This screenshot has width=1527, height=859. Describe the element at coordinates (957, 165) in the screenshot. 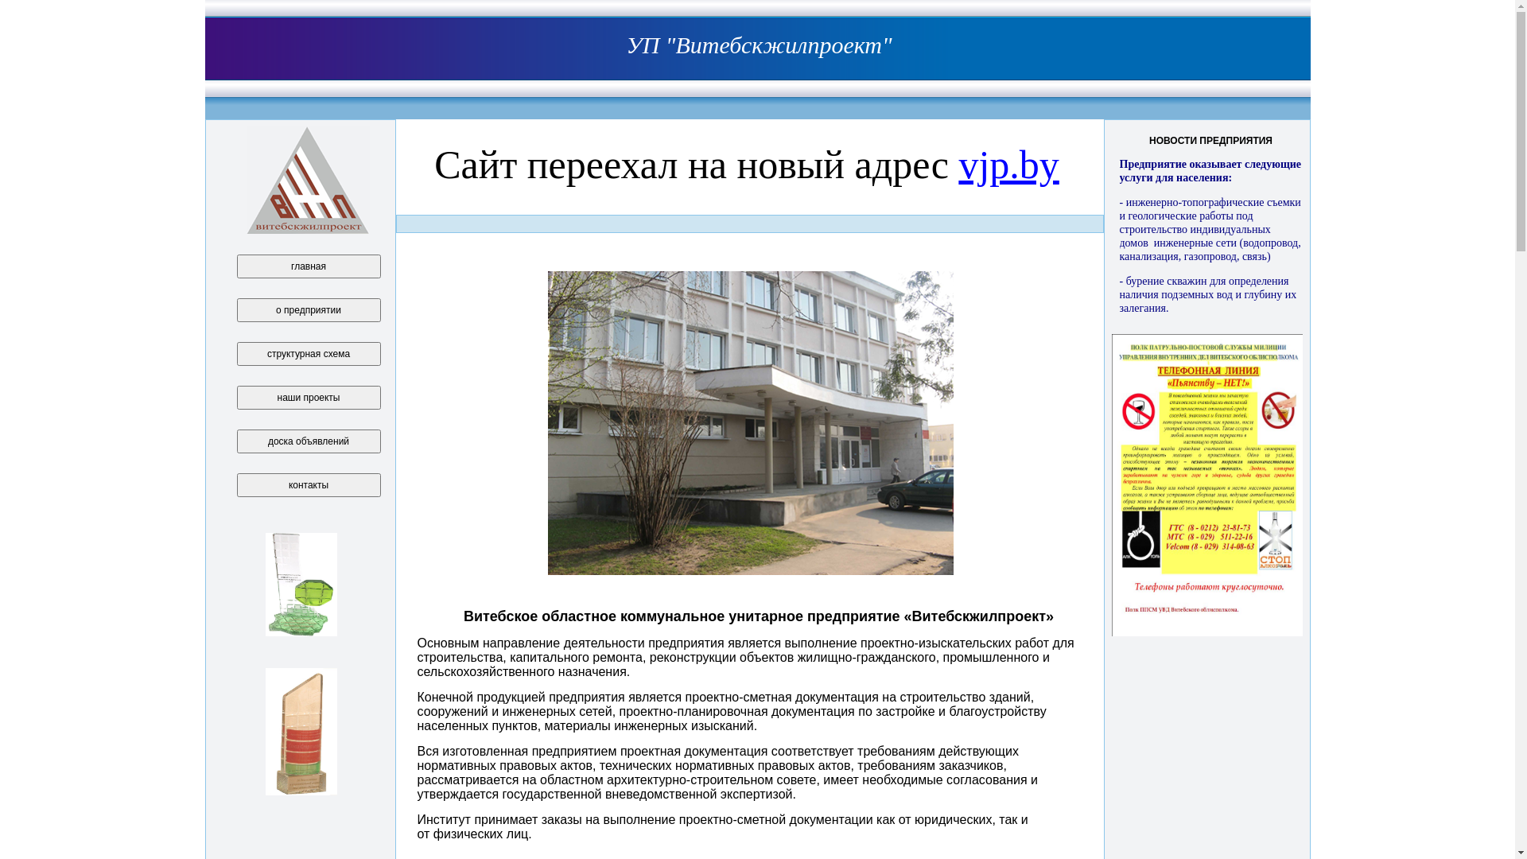

I see `'vjp.by'` at that location.